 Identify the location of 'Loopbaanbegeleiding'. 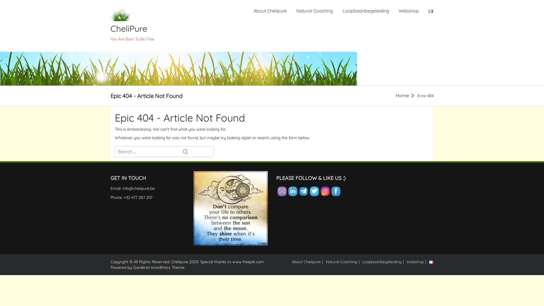
(362, 262).